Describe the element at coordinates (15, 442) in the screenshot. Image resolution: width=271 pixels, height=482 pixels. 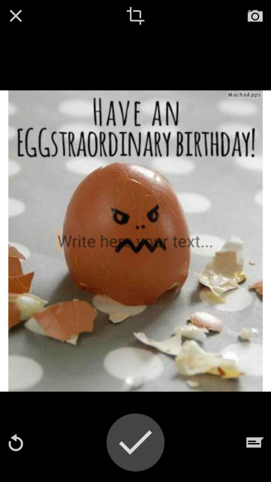
I see `the refresh icon` at that location.